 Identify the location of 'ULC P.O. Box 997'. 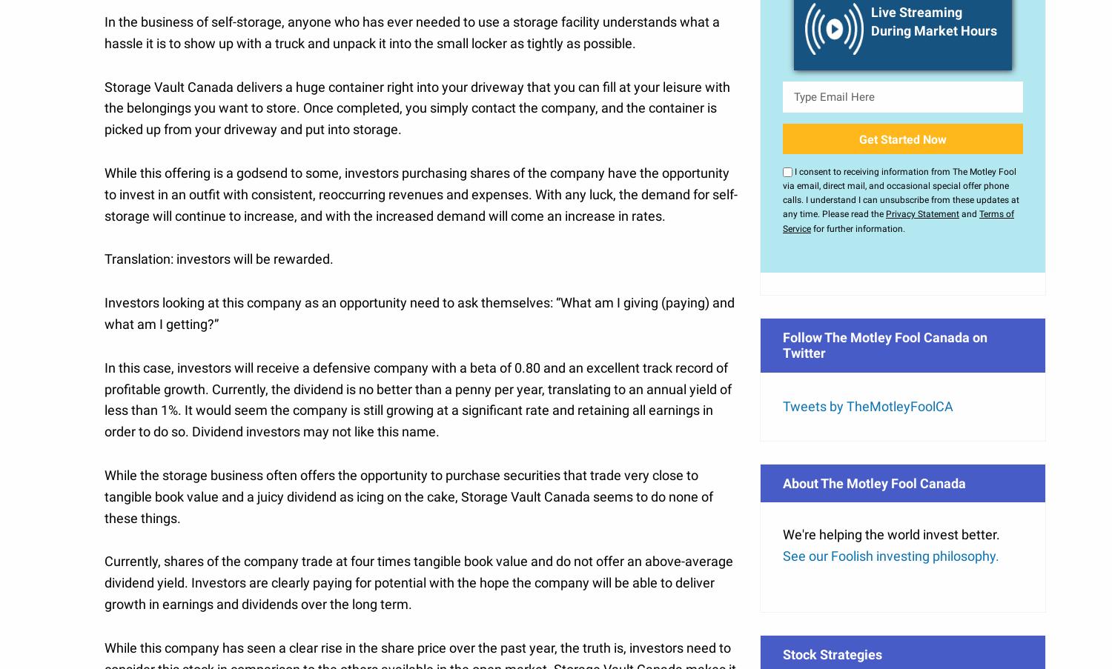
(95, 422).